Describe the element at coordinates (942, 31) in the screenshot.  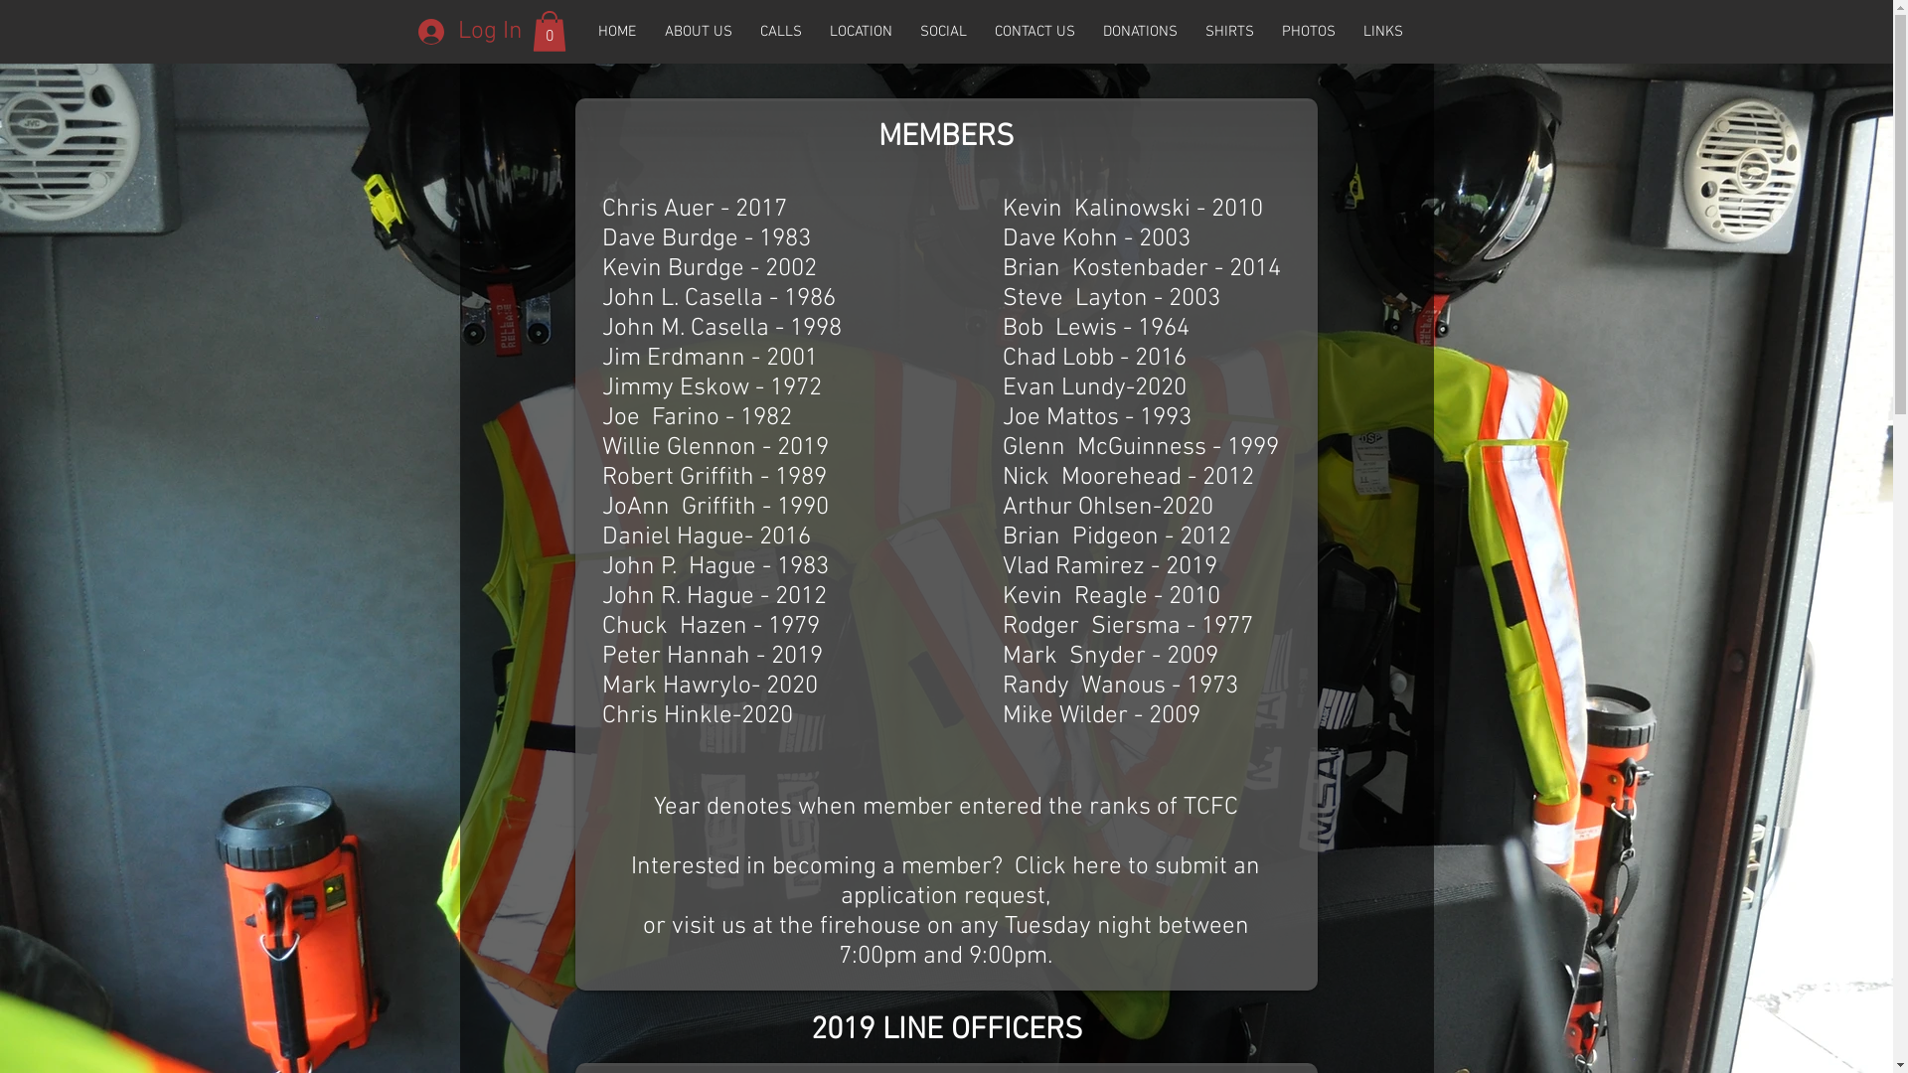
I see `'SOCIAL'` at that location.